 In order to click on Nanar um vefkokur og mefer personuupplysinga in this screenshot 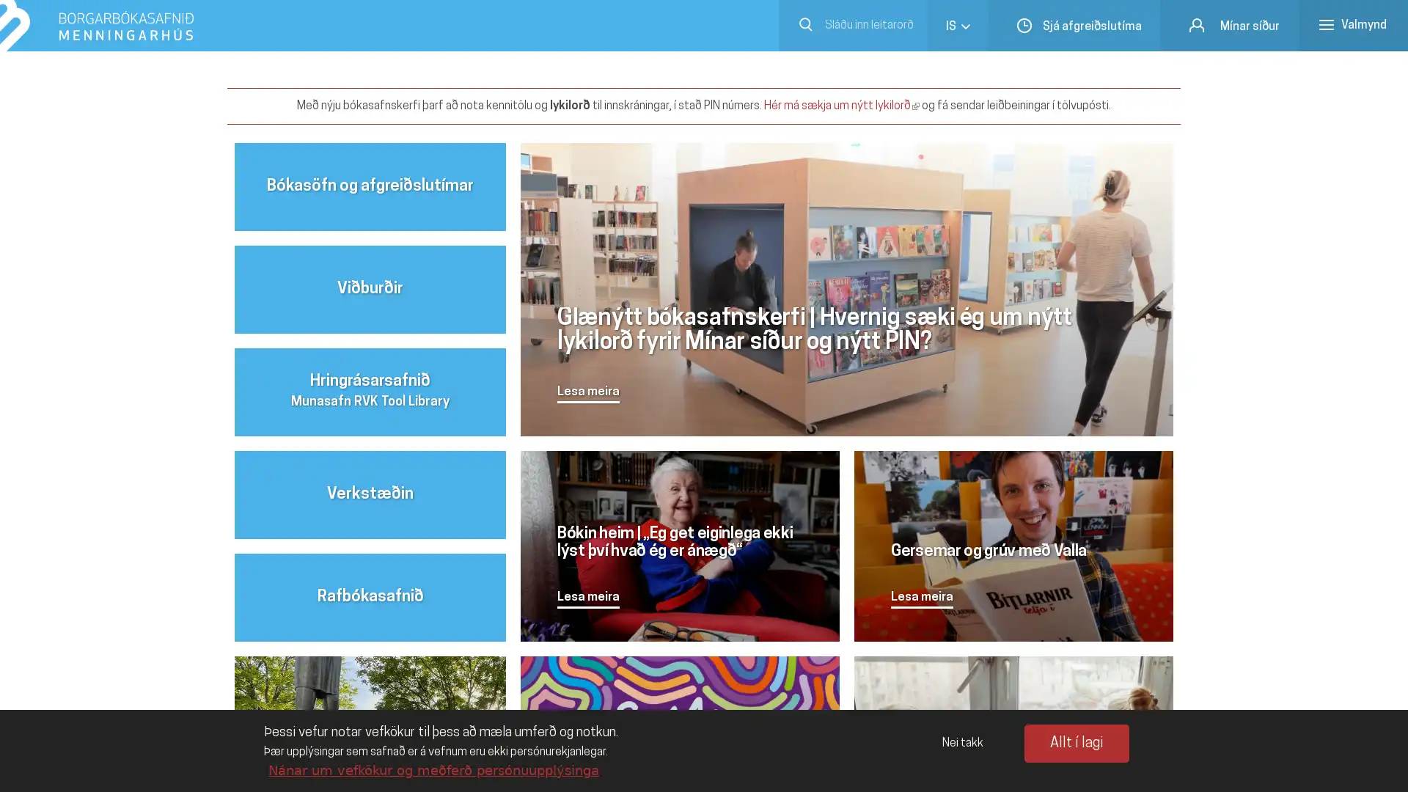, I will do `click(433, 769)`.